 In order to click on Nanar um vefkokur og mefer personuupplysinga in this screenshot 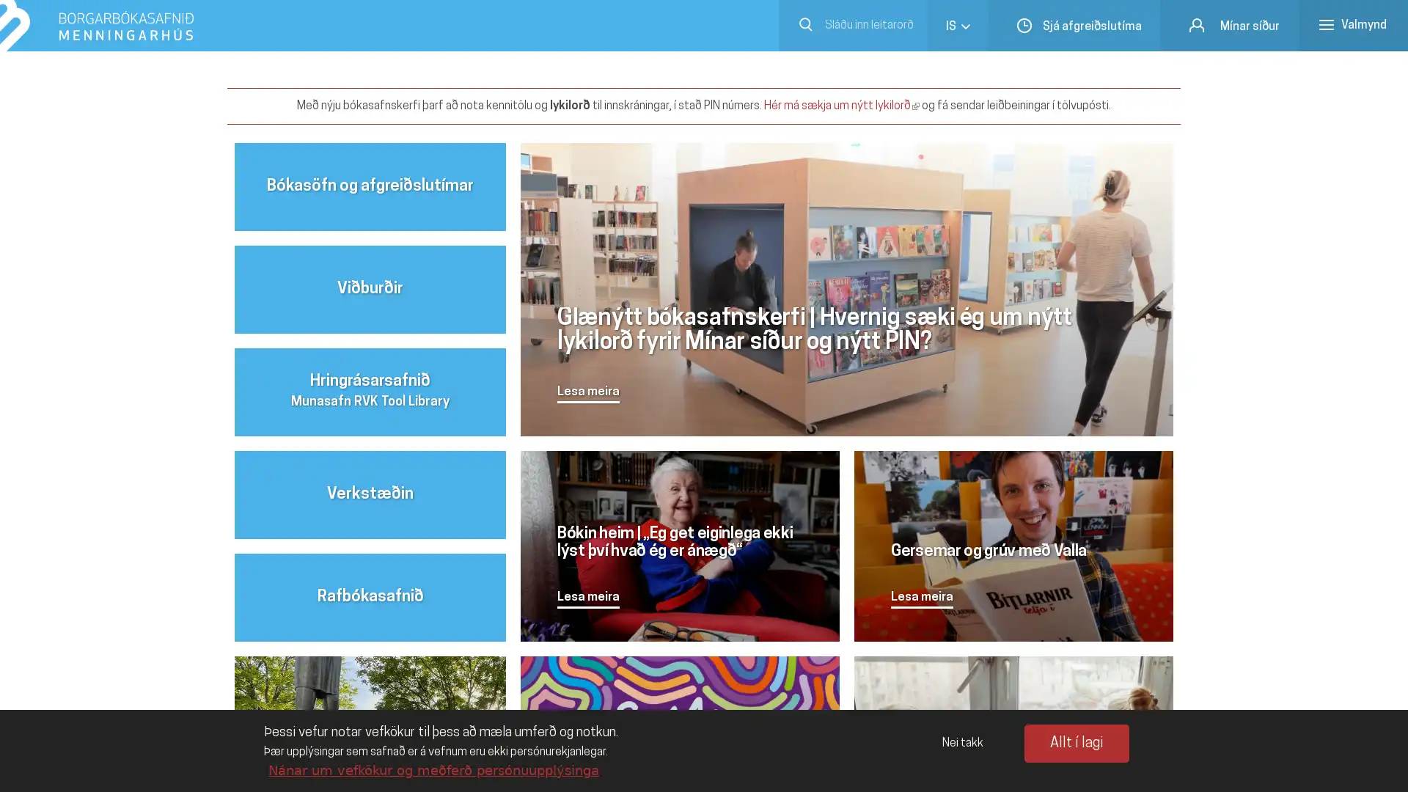, I will do `click(433, 769)`.